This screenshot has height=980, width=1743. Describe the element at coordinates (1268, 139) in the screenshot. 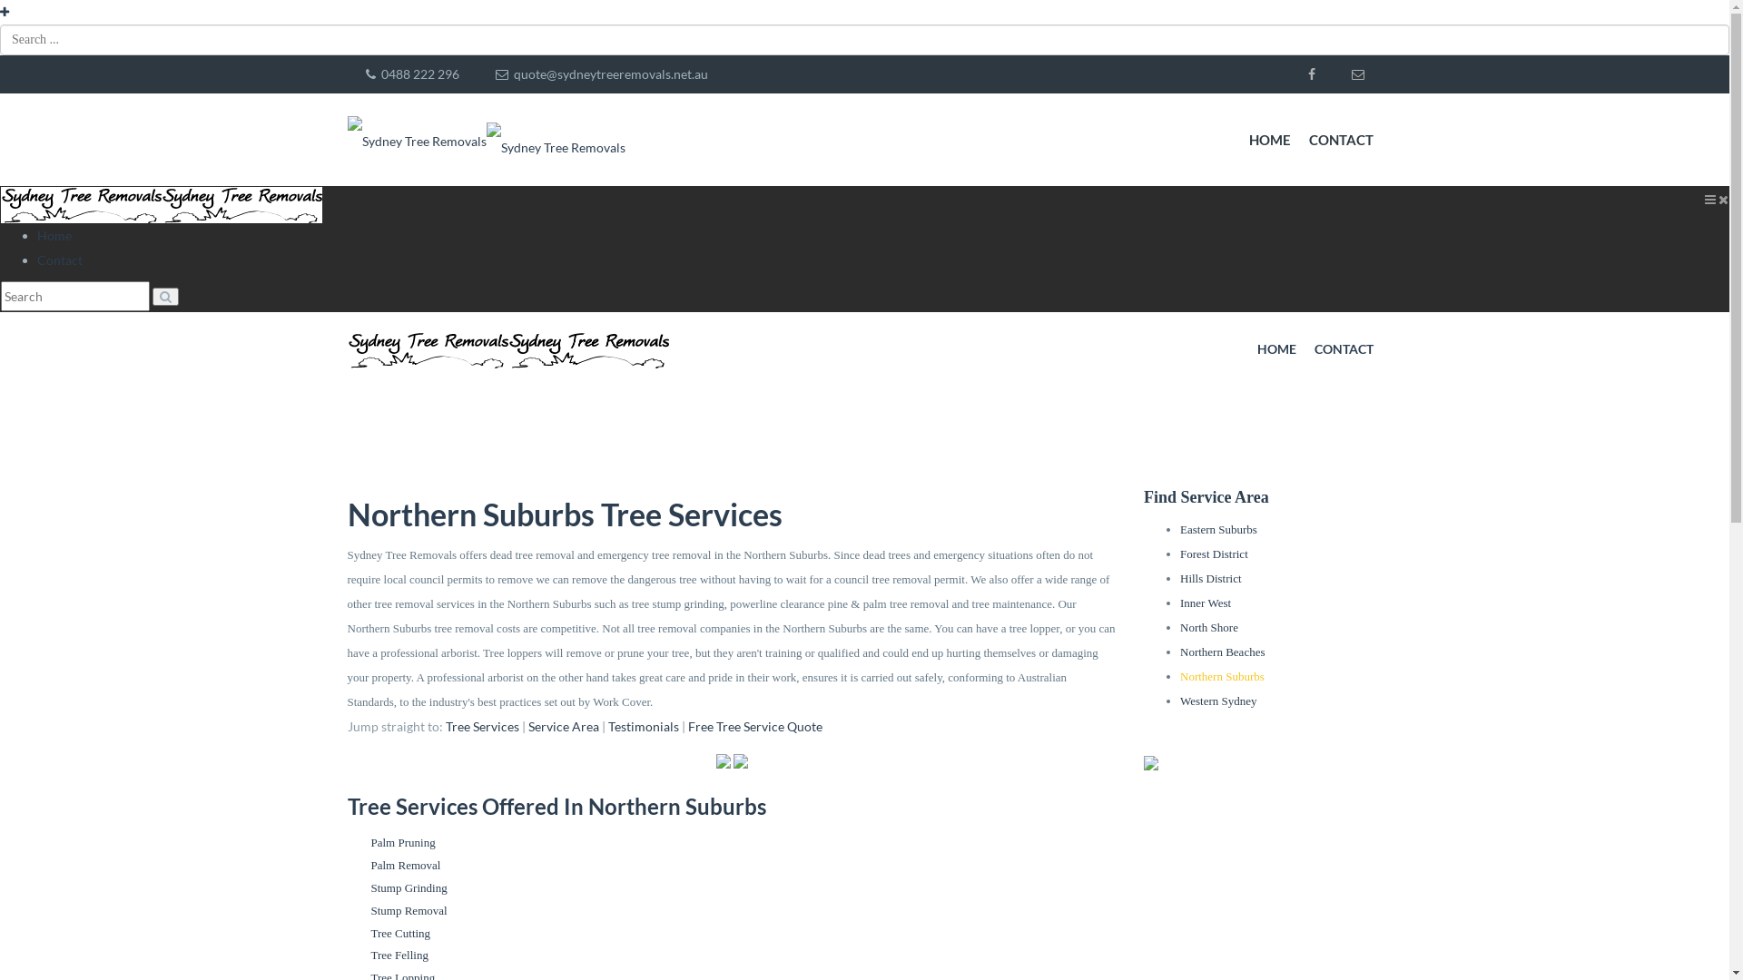

I see `'HOME'` at that location.